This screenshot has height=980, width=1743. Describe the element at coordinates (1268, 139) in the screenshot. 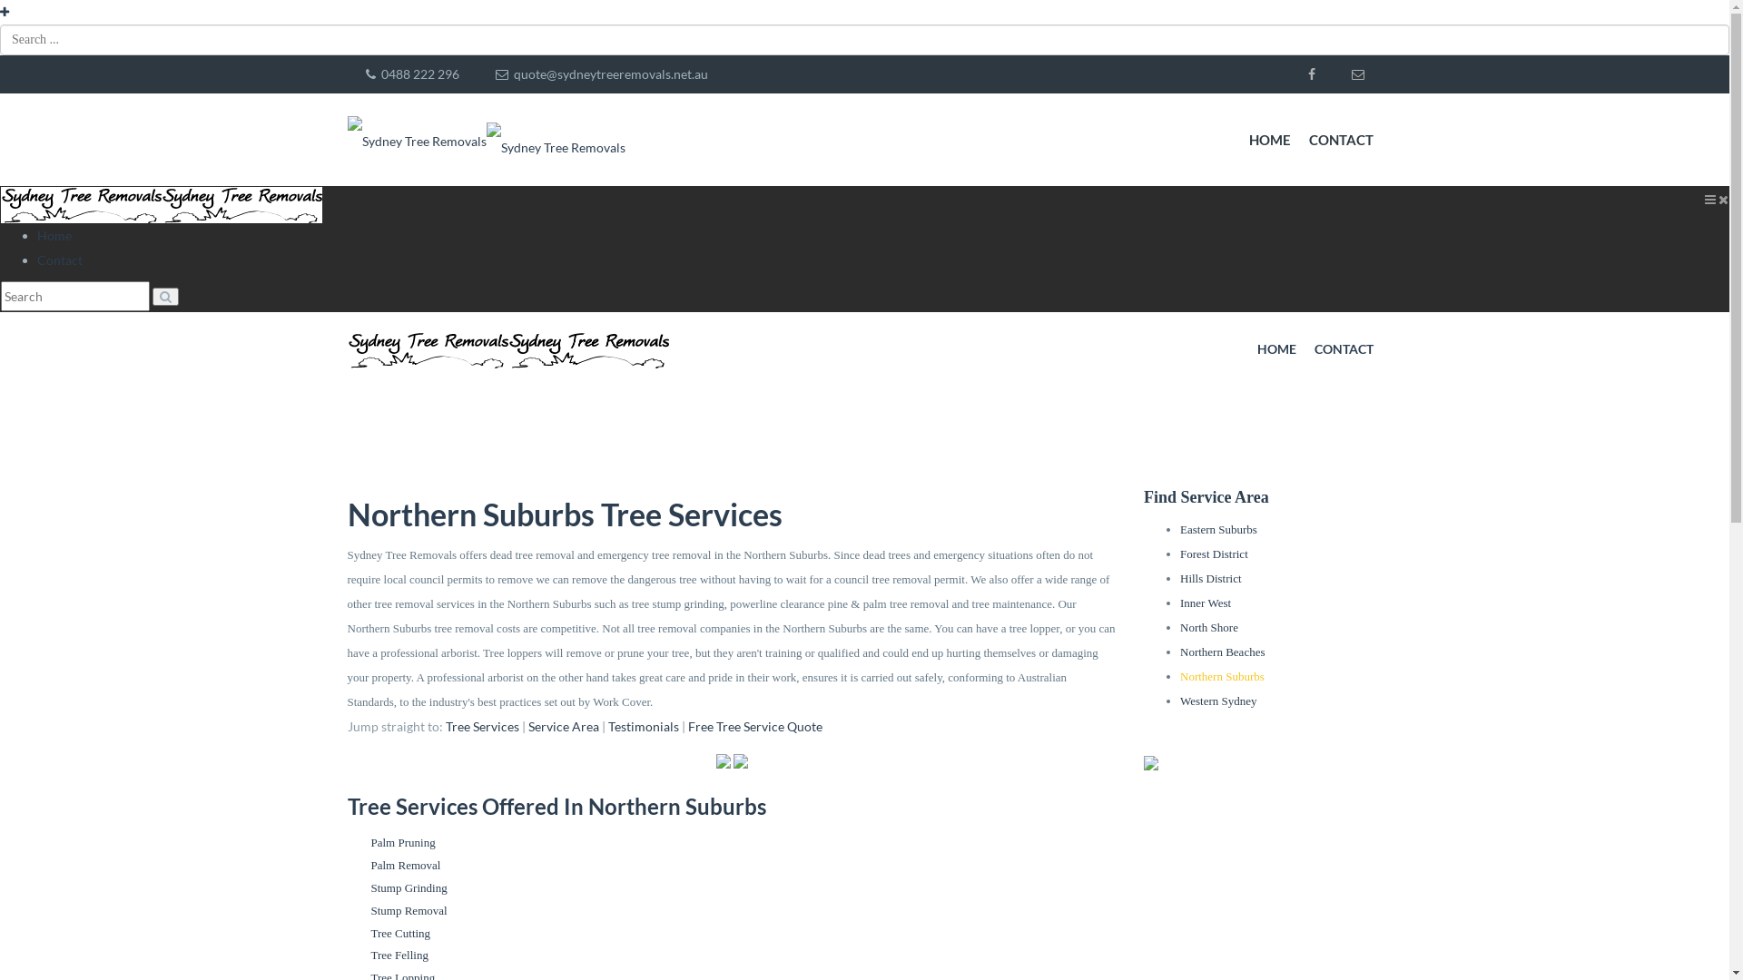

I see `'HOME'` at that location.